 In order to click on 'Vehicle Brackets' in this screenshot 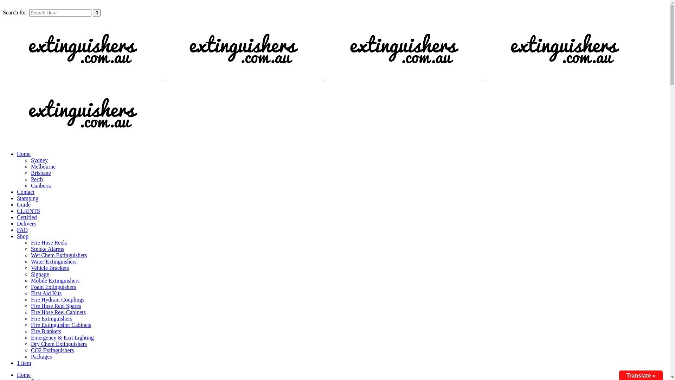, I will do `click(50, 268)`.